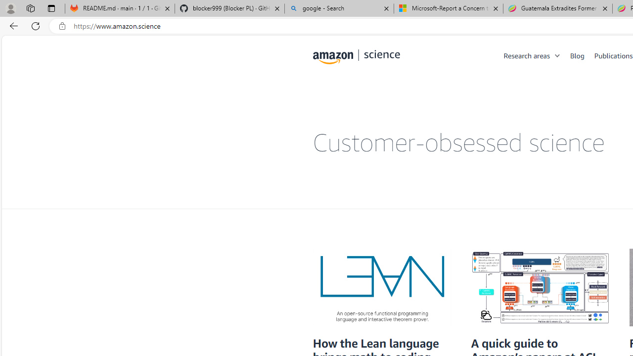  I want to click on 'home page', so click(356, 54).